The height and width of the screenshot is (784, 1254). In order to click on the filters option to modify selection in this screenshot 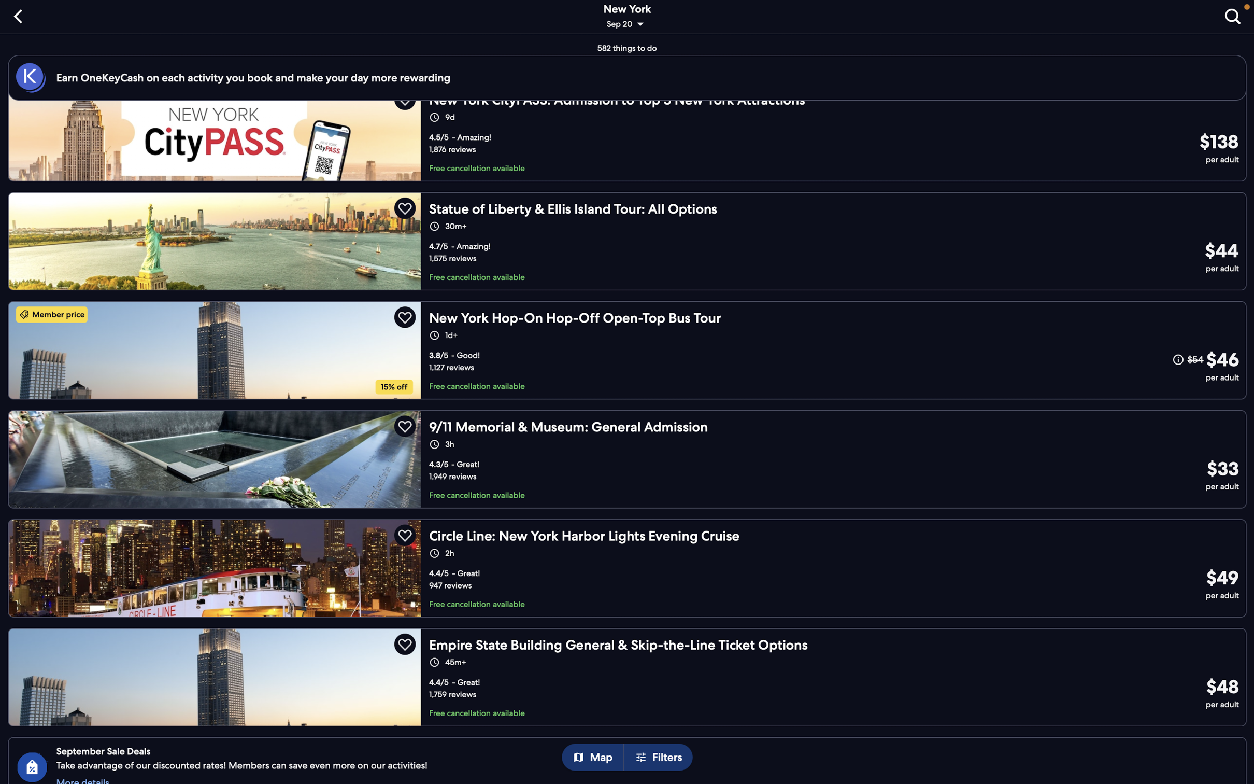, I will do `click(661, 758)`.